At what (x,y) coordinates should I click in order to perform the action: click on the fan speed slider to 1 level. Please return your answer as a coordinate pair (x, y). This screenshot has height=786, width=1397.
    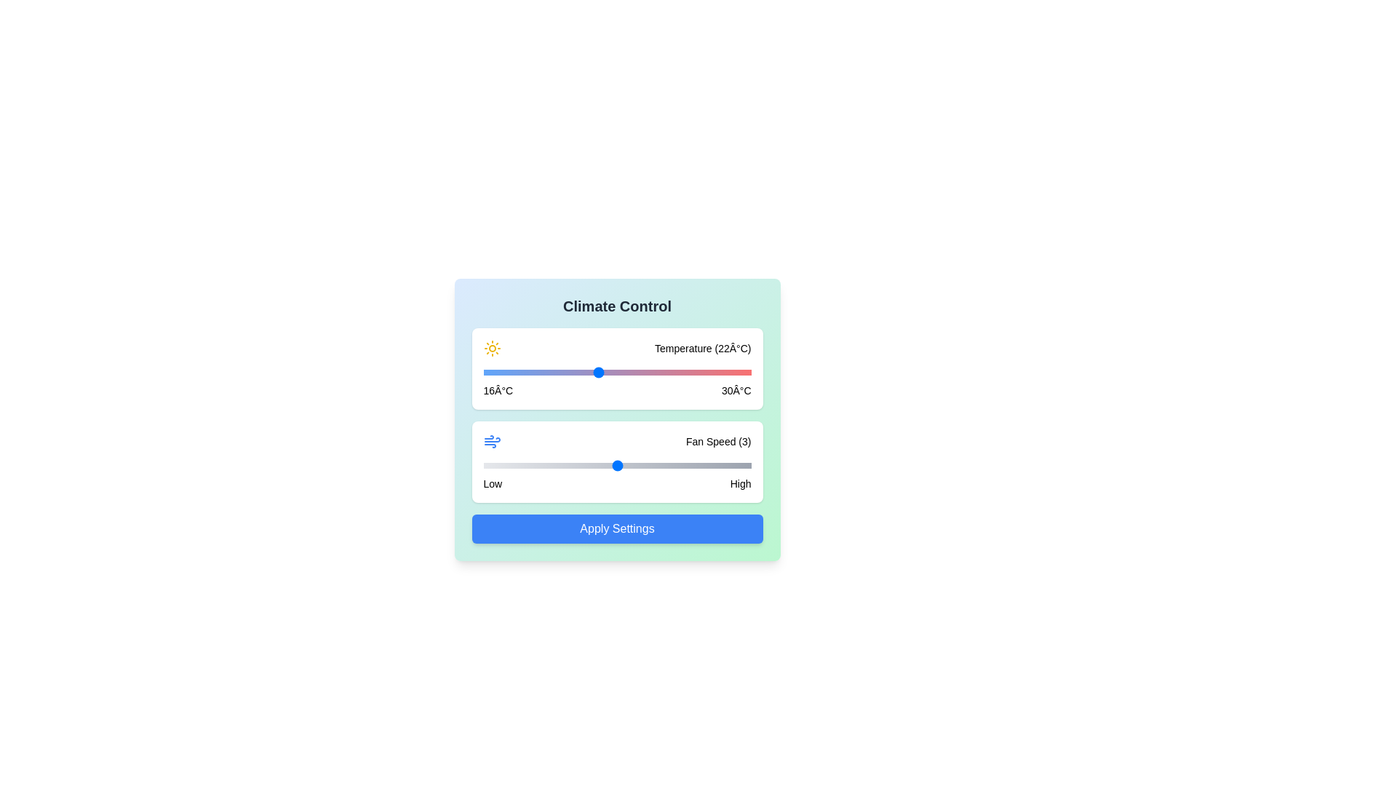
    Looking at the image, I should click on (483, 466).